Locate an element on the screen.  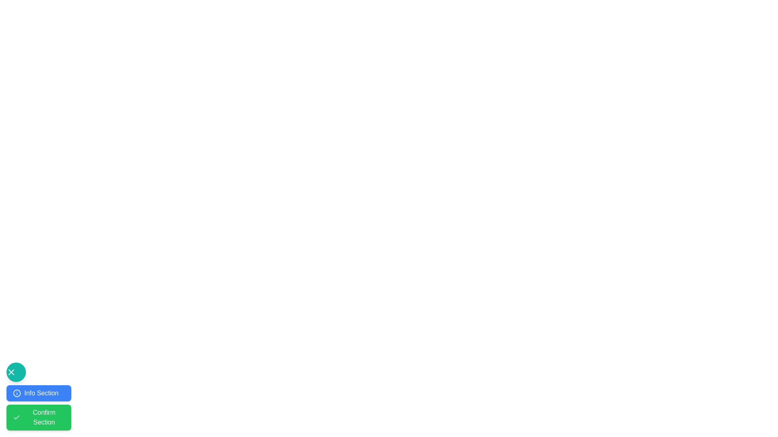
the confirmation button located near the bottom-left corner of the interface, directly below the 'Info Section' button is located at coordinates (38, 418).